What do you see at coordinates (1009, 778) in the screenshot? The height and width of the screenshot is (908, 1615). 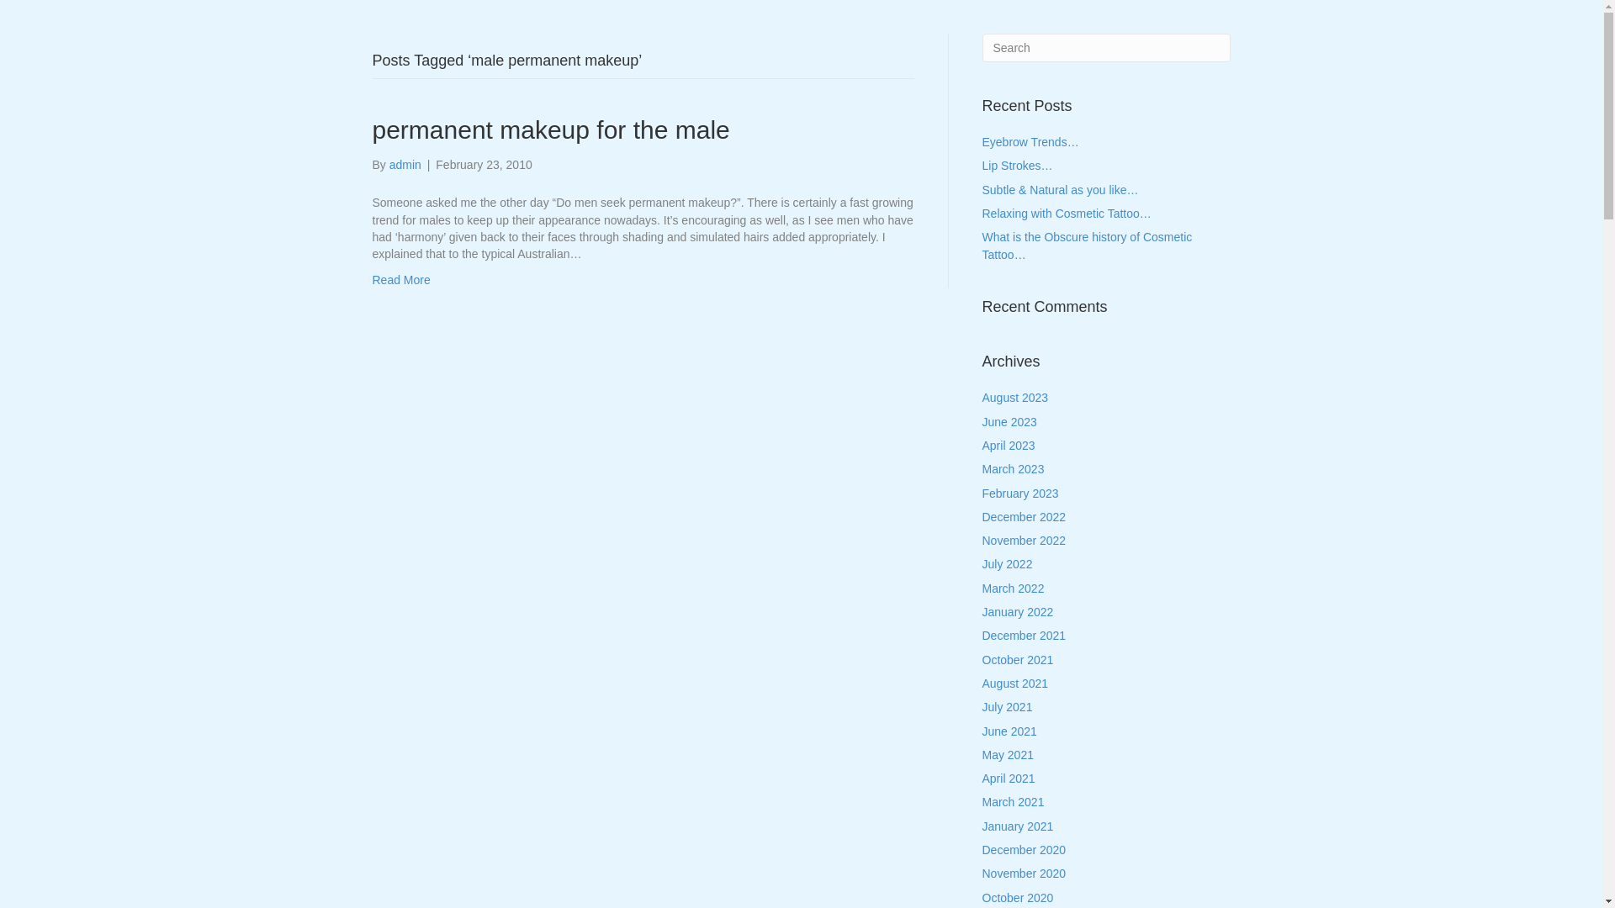 I see `'April 2021'` at bounding box center [1009, 778].